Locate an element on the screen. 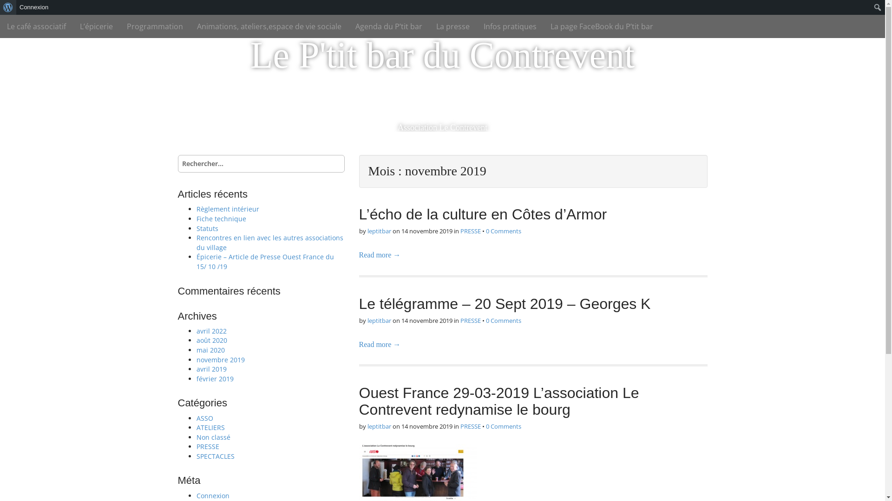 Image resolution: width=892 pixels, height=501 pixels. 'Rechercher' is located at coordinates (16, 7).